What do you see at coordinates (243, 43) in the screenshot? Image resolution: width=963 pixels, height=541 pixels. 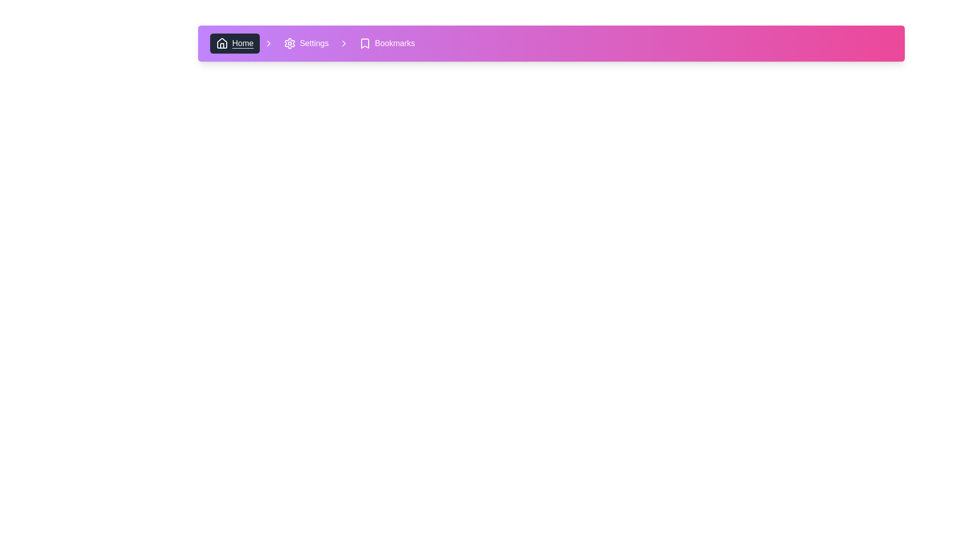 I see `the 'Home' text label located in the navigation bar` at bounding box center [243, 43].